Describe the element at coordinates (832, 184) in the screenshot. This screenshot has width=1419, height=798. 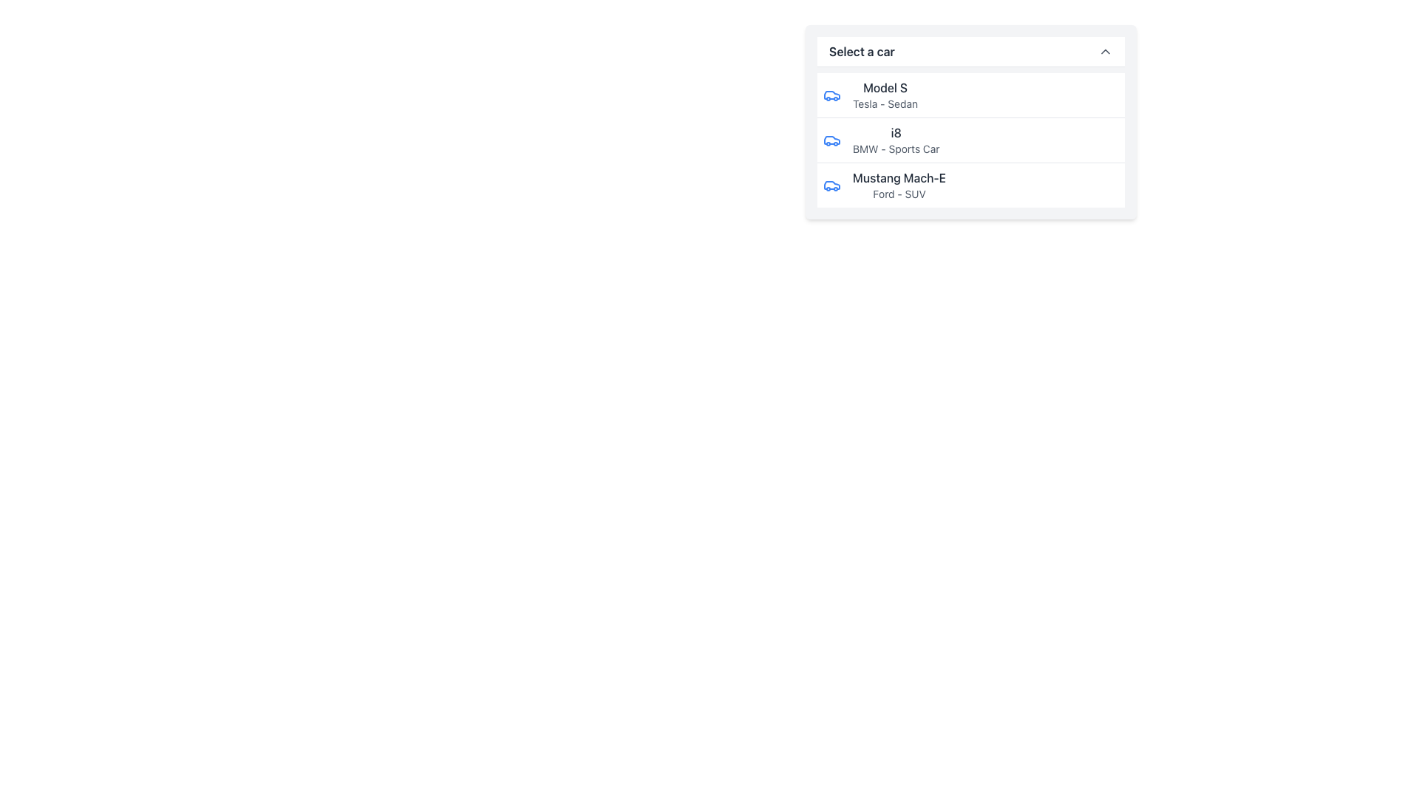
I see `the blue car icon located to the left of the 'Mustang Mach-E' text in the list item, which features a modern design and is styled with a blue stroke` at that location.